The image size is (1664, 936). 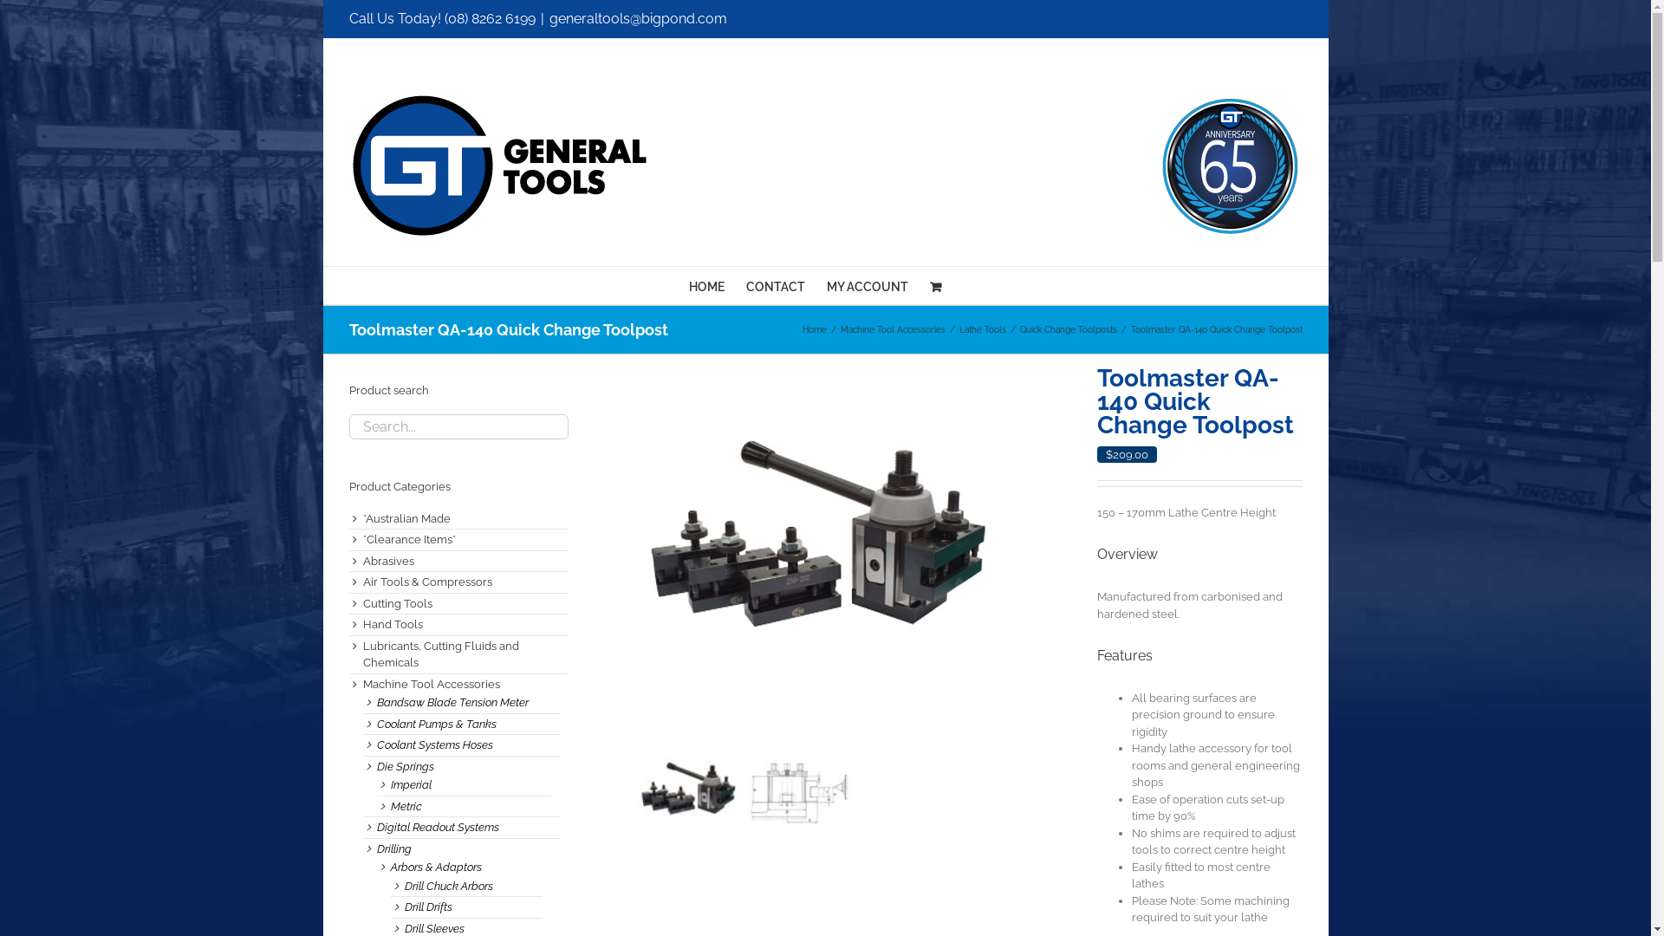 I want to click on 'HOME', so click(x=705, y=284).